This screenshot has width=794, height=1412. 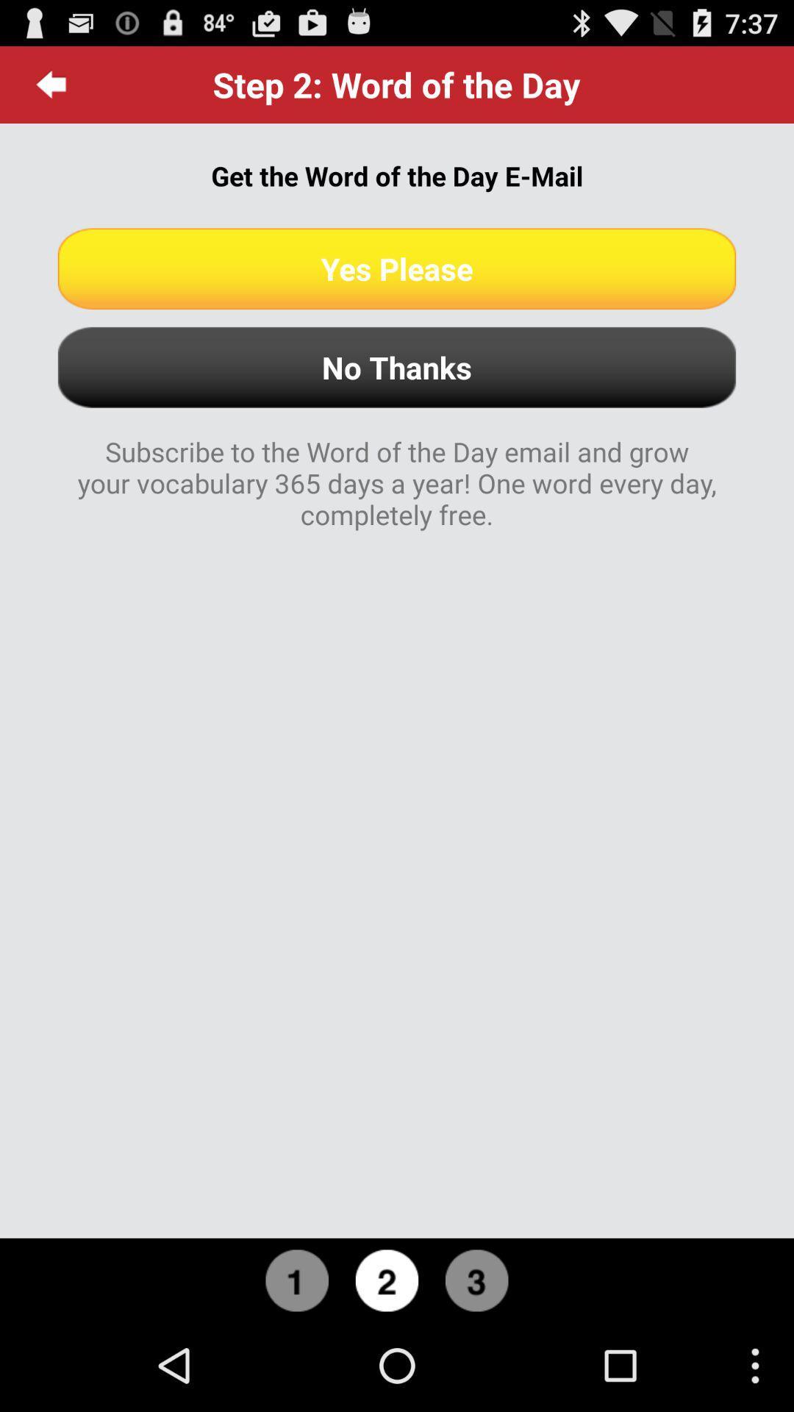 I want to click on icon below get the word app, so click(x=397, y=268).